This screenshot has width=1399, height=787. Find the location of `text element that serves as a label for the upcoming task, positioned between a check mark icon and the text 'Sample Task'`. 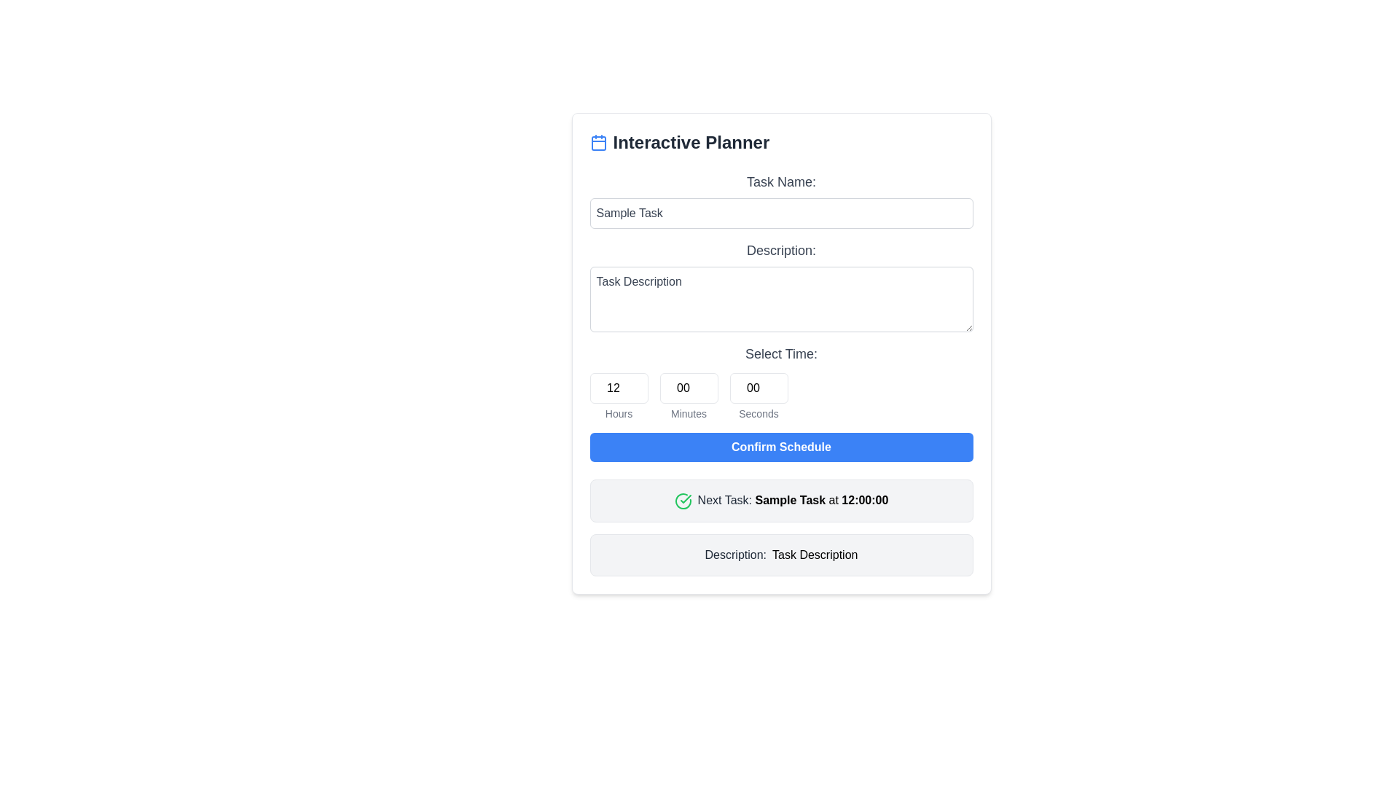

text element that serves as a label for the upcoming task, positioned between a check mark icon and the text 'Sample Task' is located at coordinates (724, 499).